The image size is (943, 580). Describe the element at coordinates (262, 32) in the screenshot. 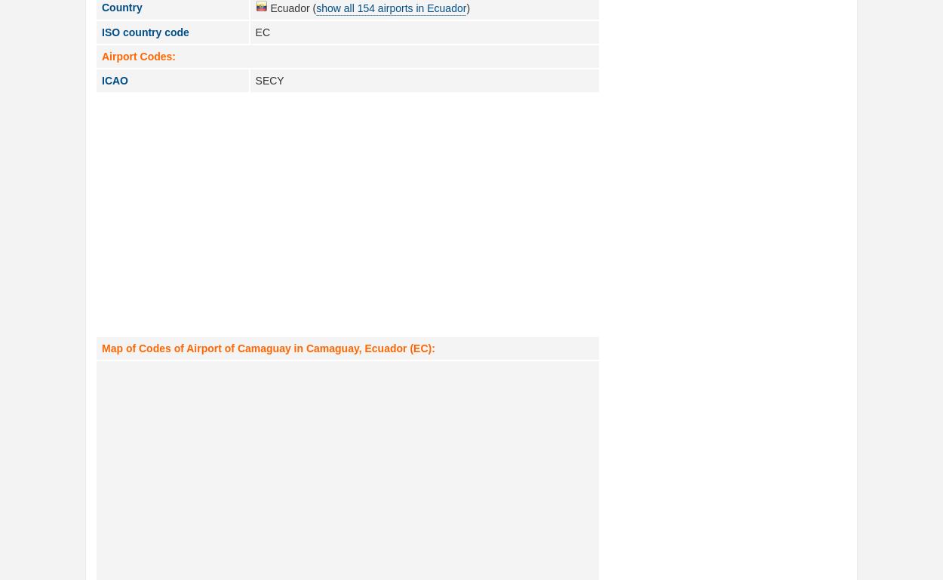

I see `'EC'` at that location.